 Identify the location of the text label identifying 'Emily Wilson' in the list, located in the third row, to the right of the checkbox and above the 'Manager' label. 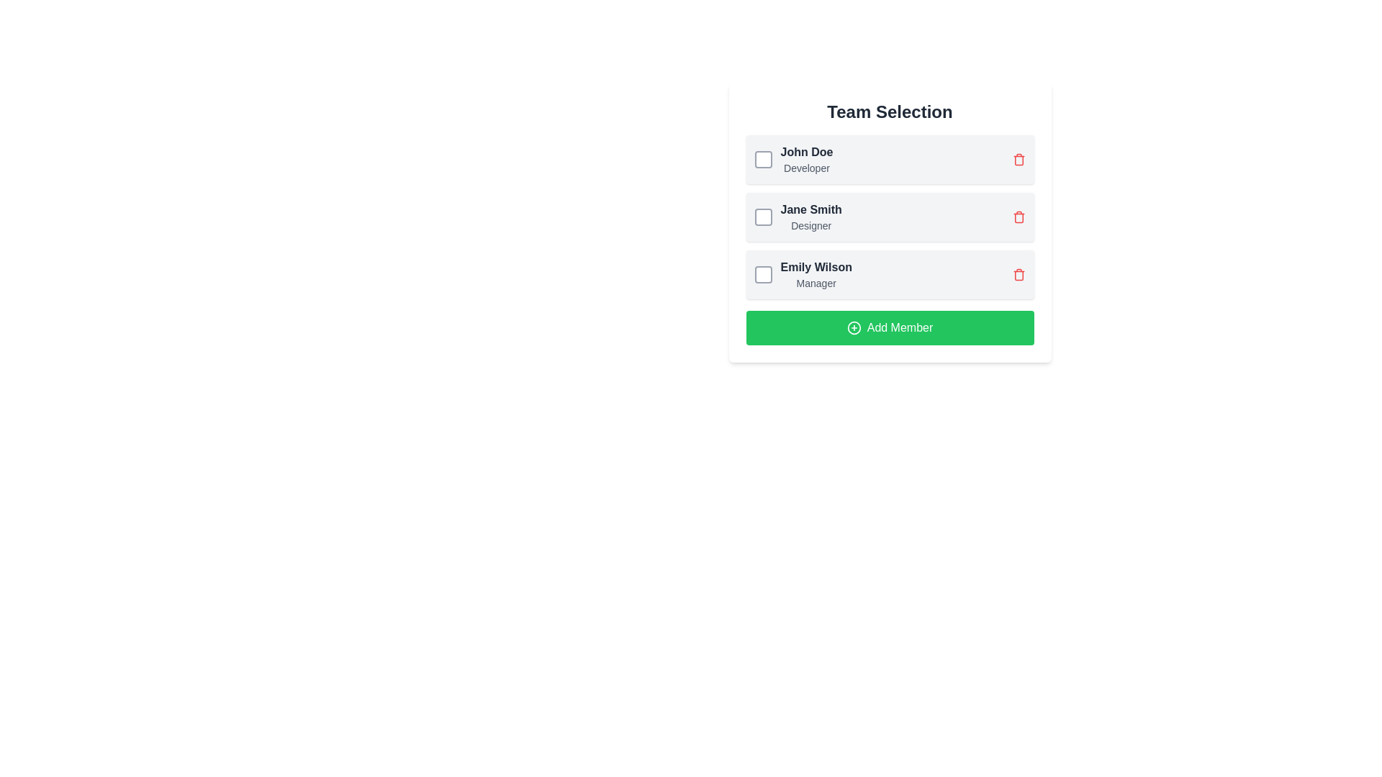
(816, 267).